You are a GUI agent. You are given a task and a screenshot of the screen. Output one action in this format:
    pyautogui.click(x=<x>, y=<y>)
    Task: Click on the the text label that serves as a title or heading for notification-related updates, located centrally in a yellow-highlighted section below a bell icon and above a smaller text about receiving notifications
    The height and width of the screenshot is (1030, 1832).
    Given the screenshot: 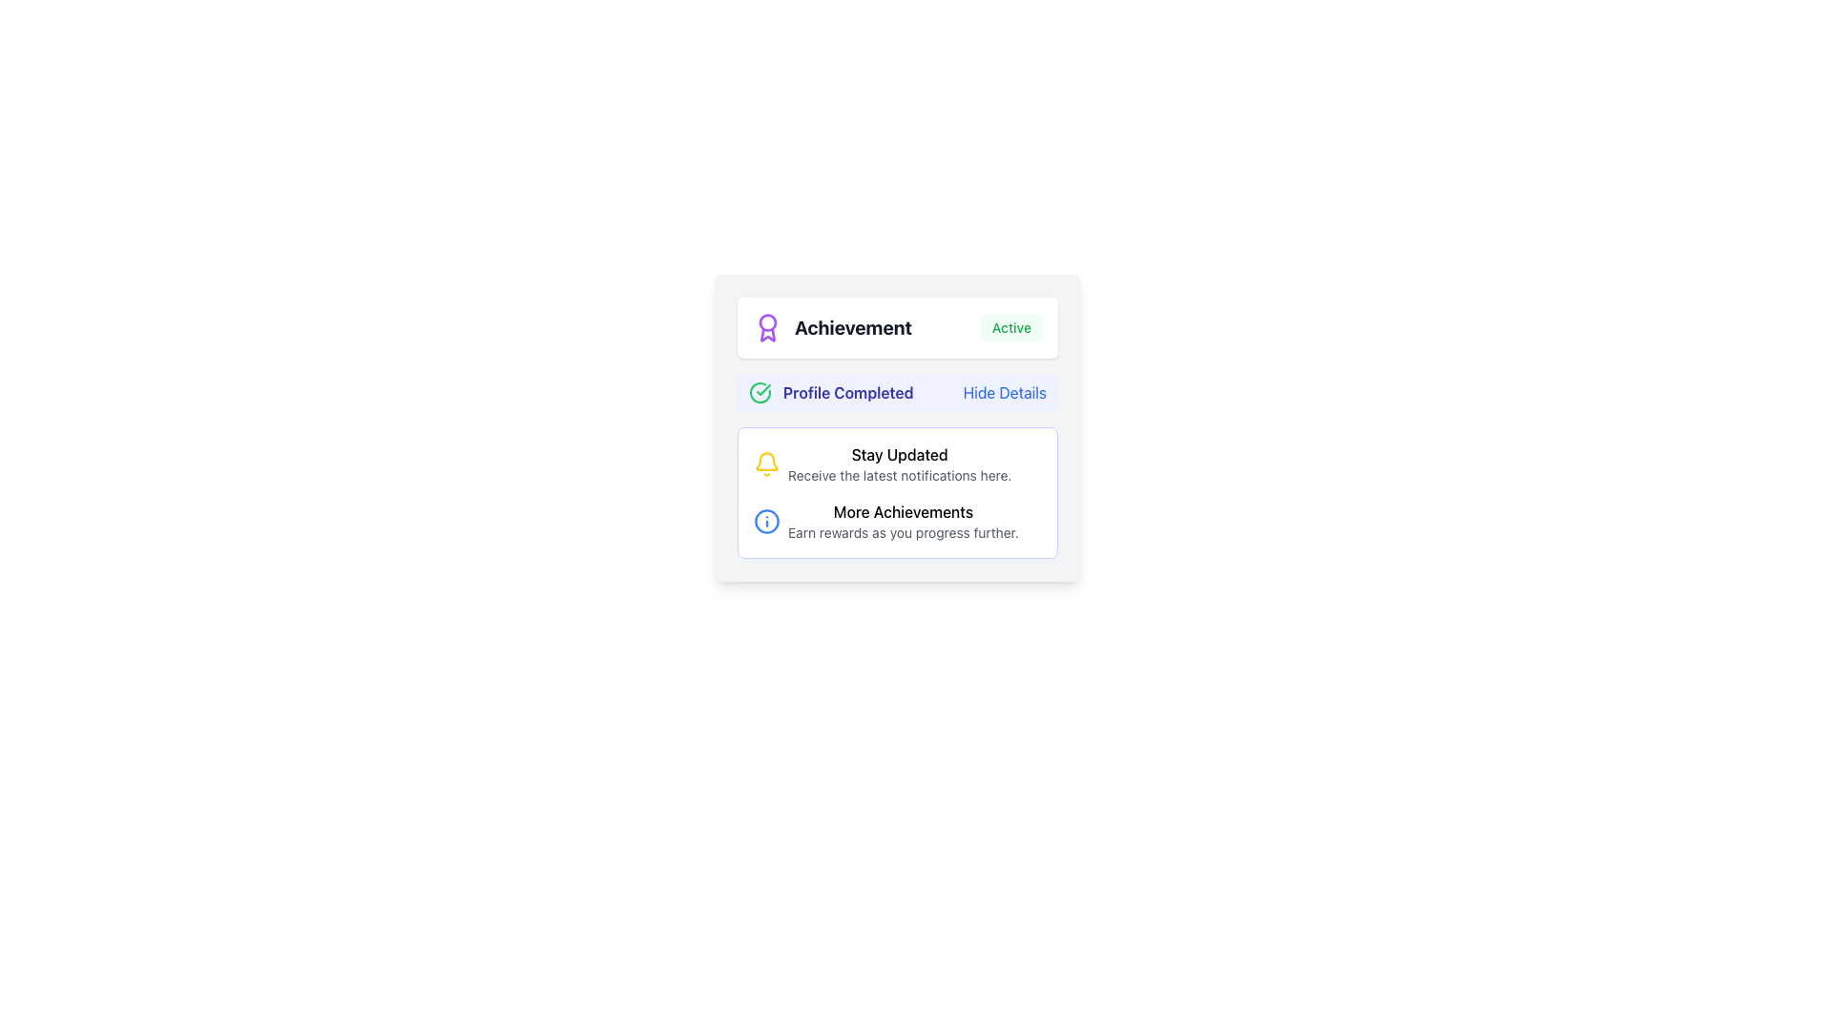 What is the action you would take?
    pyautogui.click(x=899, y=455)
    